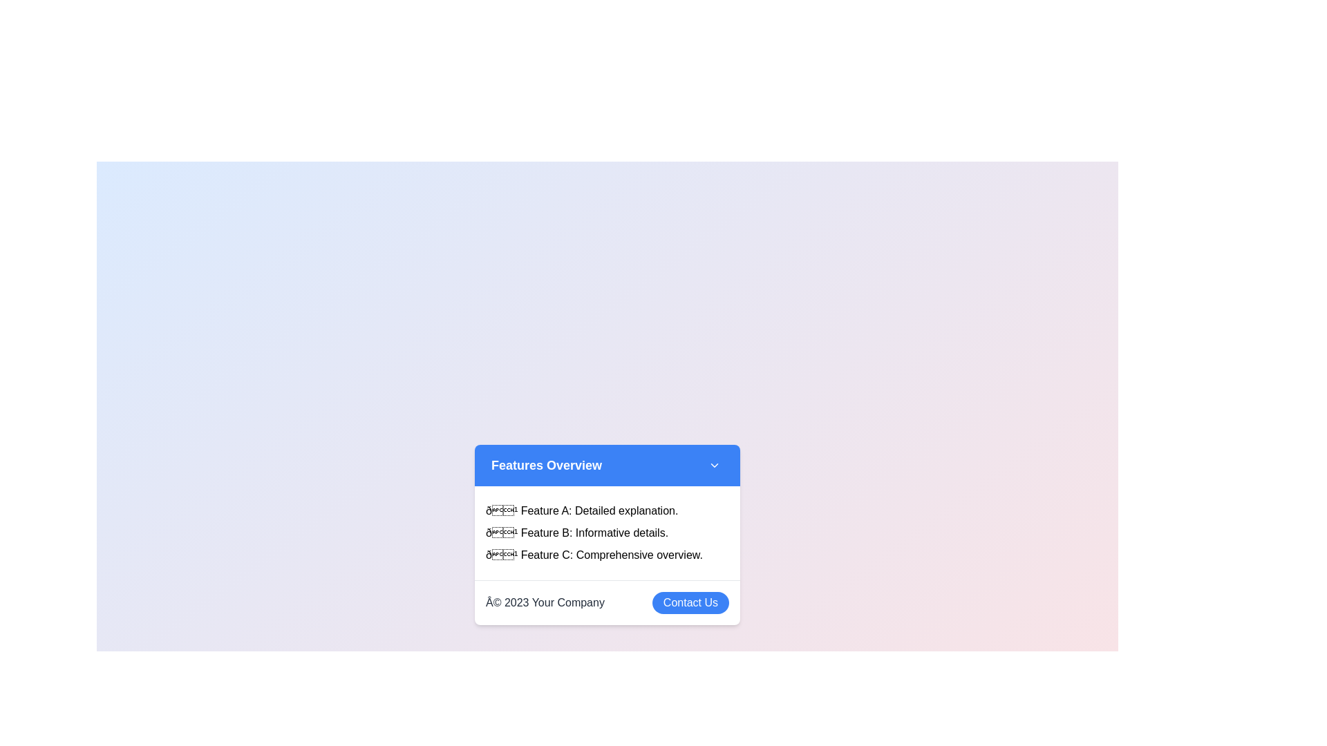  What do you see at coordinates (714, 465) in the screenshot?
I see `the chevron icon located in the top-right corner of the blue header labeled 'Features Overview'` at bounding box center [714, 465].